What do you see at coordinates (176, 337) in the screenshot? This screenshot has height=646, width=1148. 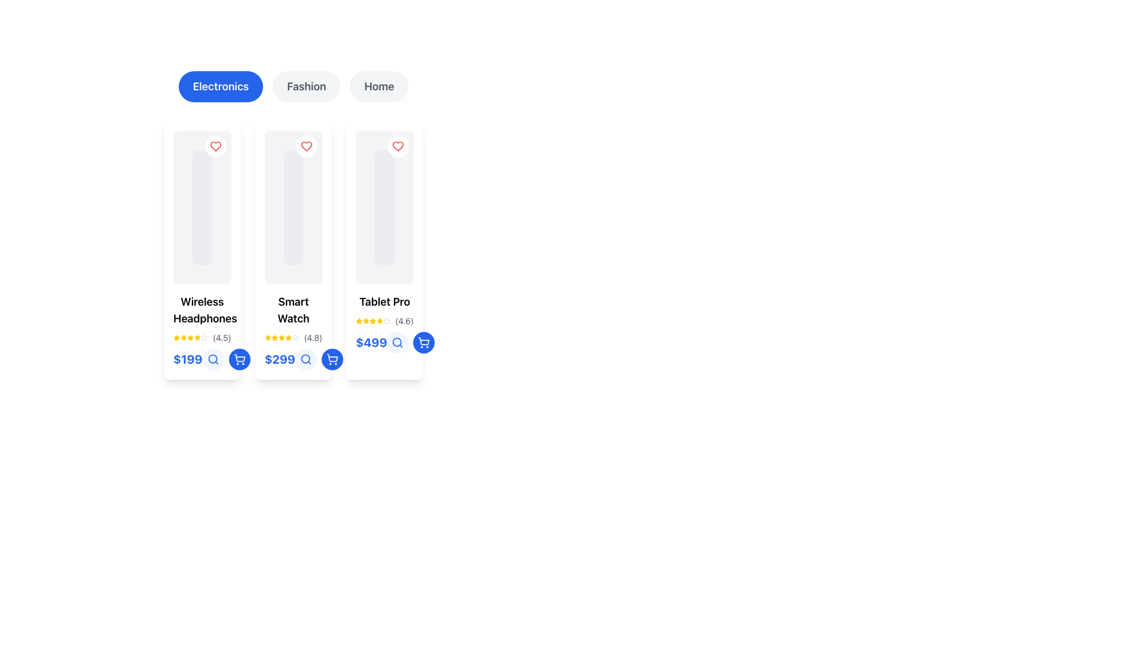 I see `the first star icon representing the rating for the 'Wireless Headphones' product in the rating section below the product listing` at bounding box center [176, 337].